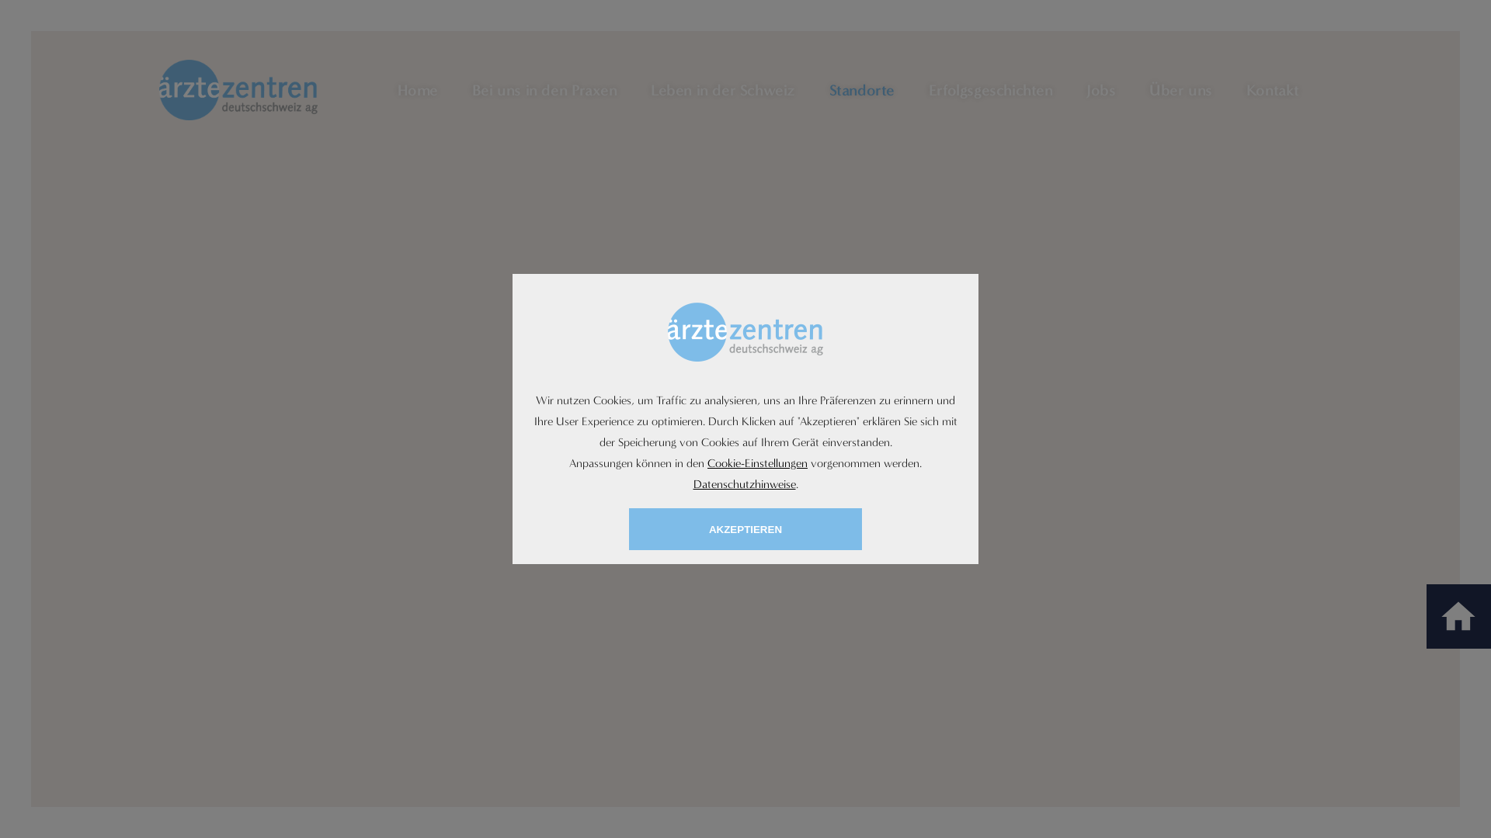 The width and height of the screenshot is (1491, 838). I want to click on 'Jobs', so click(1085, 89).